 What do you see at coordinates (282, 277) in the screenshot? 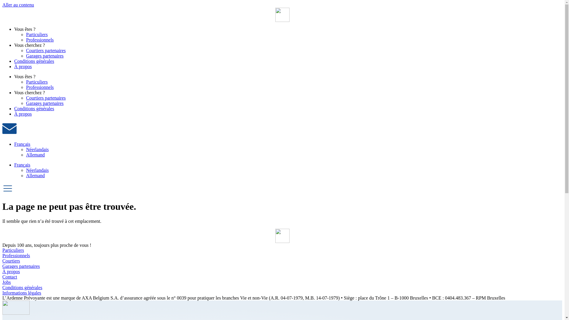
I see `'Contact'` at bounding box center [282, 277].